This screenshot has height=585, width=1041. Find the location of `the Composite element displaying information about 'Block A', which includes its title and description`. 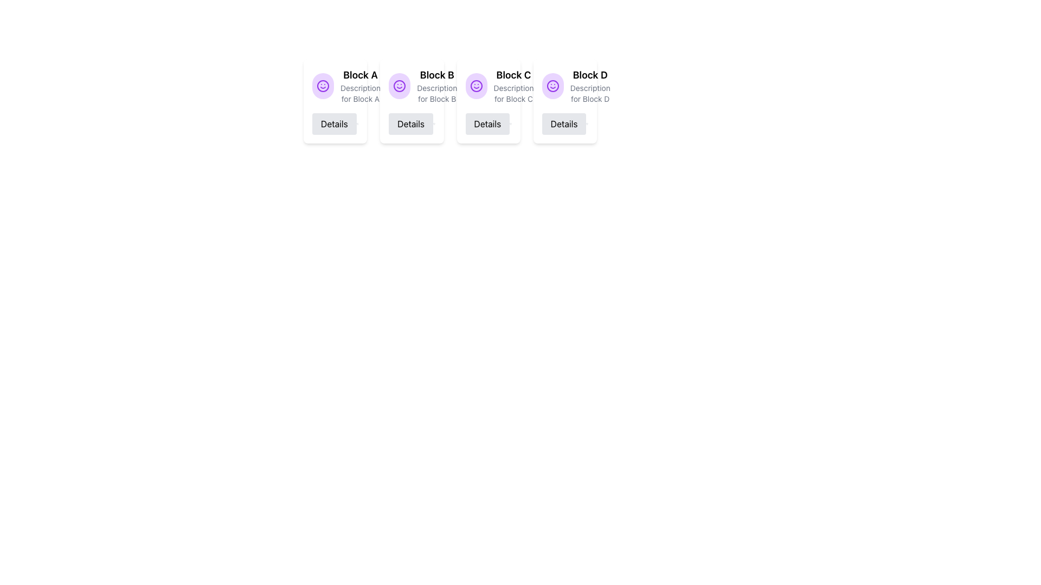

the Composite element displaying information about 'Block A', which includes its title and description is located at coordinates (335, 85).